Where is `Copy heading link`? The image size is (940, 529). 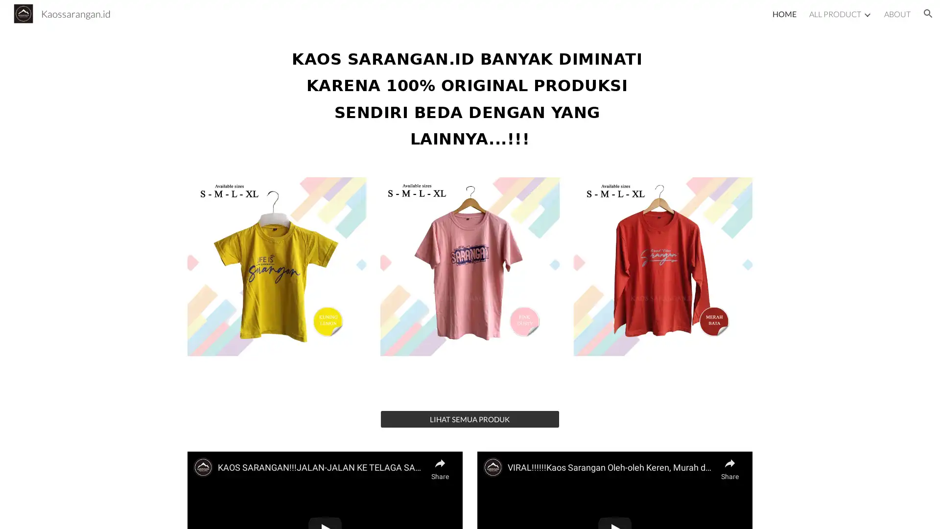
Copy heading link is located at coordinates (662, 96).